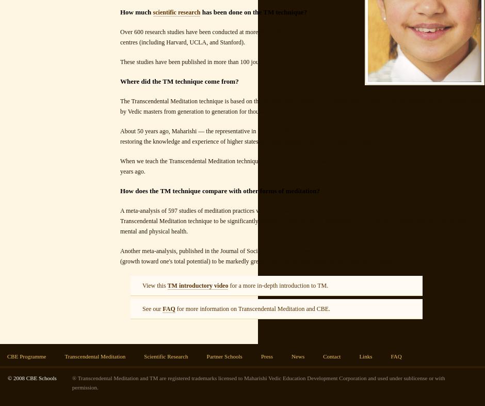 Image resolution: width=485 pixels, height=406 pixels. I want to click on 'Where did the TM technique come from?', so click(120, 81).